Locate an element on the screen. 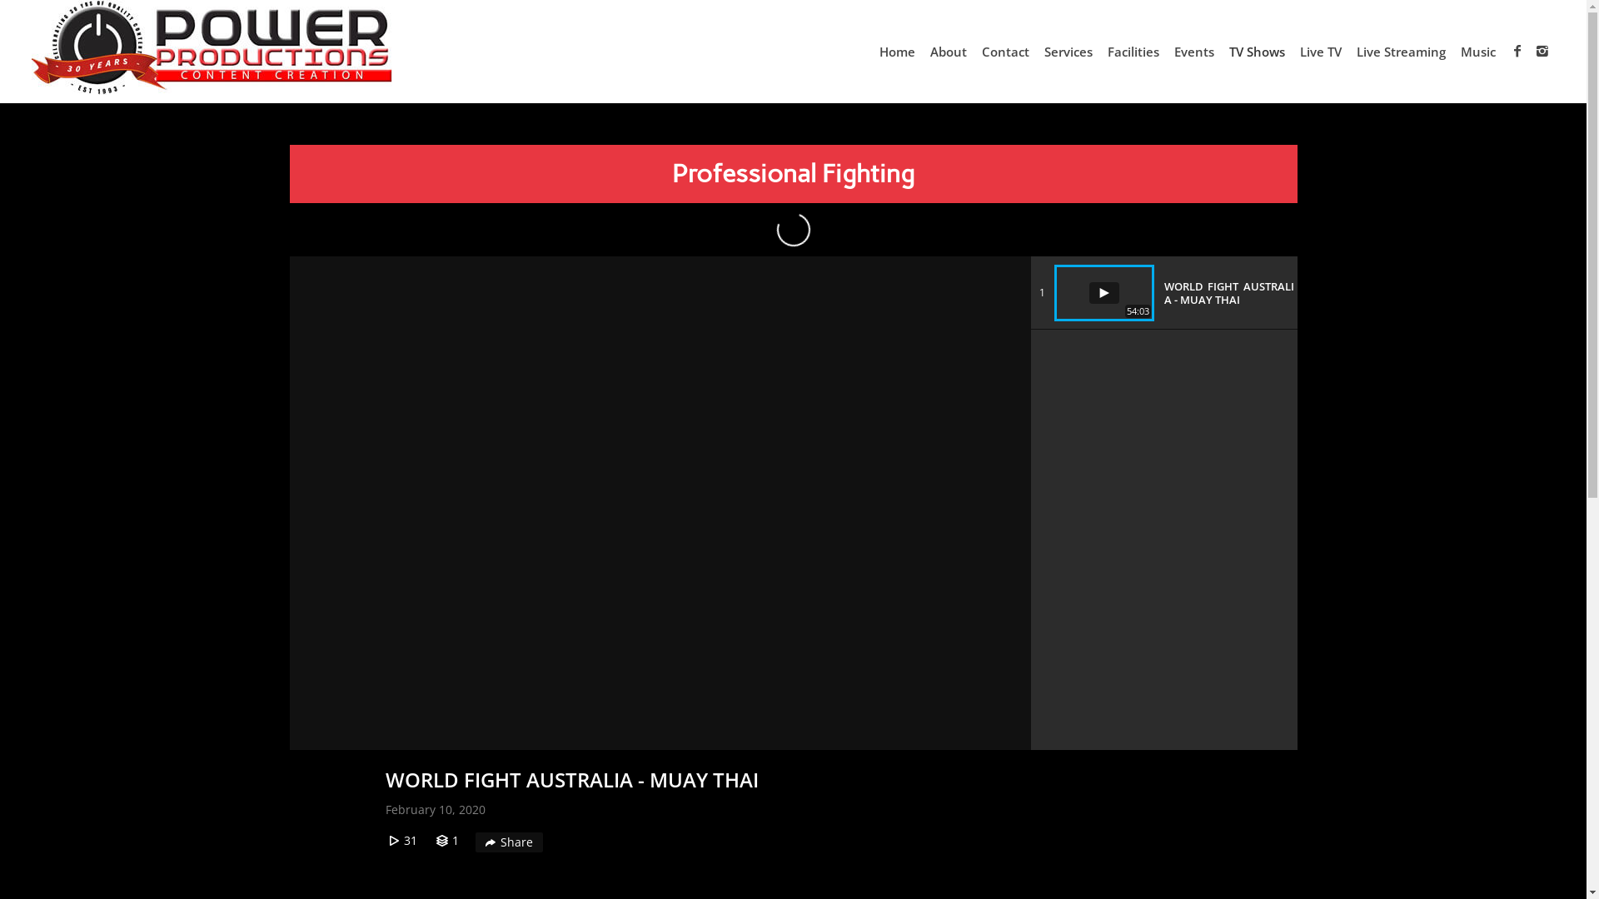 This screenshot has width=1599, height=899. 'Events' is located at coordinates (1193, 50).